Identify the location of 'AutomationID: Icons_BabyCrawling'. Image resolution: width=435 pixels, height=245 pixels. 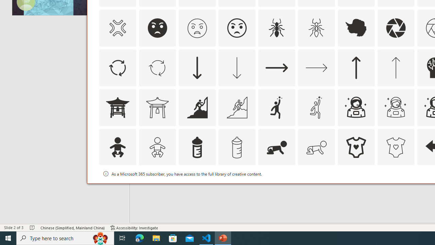
(277, 147).